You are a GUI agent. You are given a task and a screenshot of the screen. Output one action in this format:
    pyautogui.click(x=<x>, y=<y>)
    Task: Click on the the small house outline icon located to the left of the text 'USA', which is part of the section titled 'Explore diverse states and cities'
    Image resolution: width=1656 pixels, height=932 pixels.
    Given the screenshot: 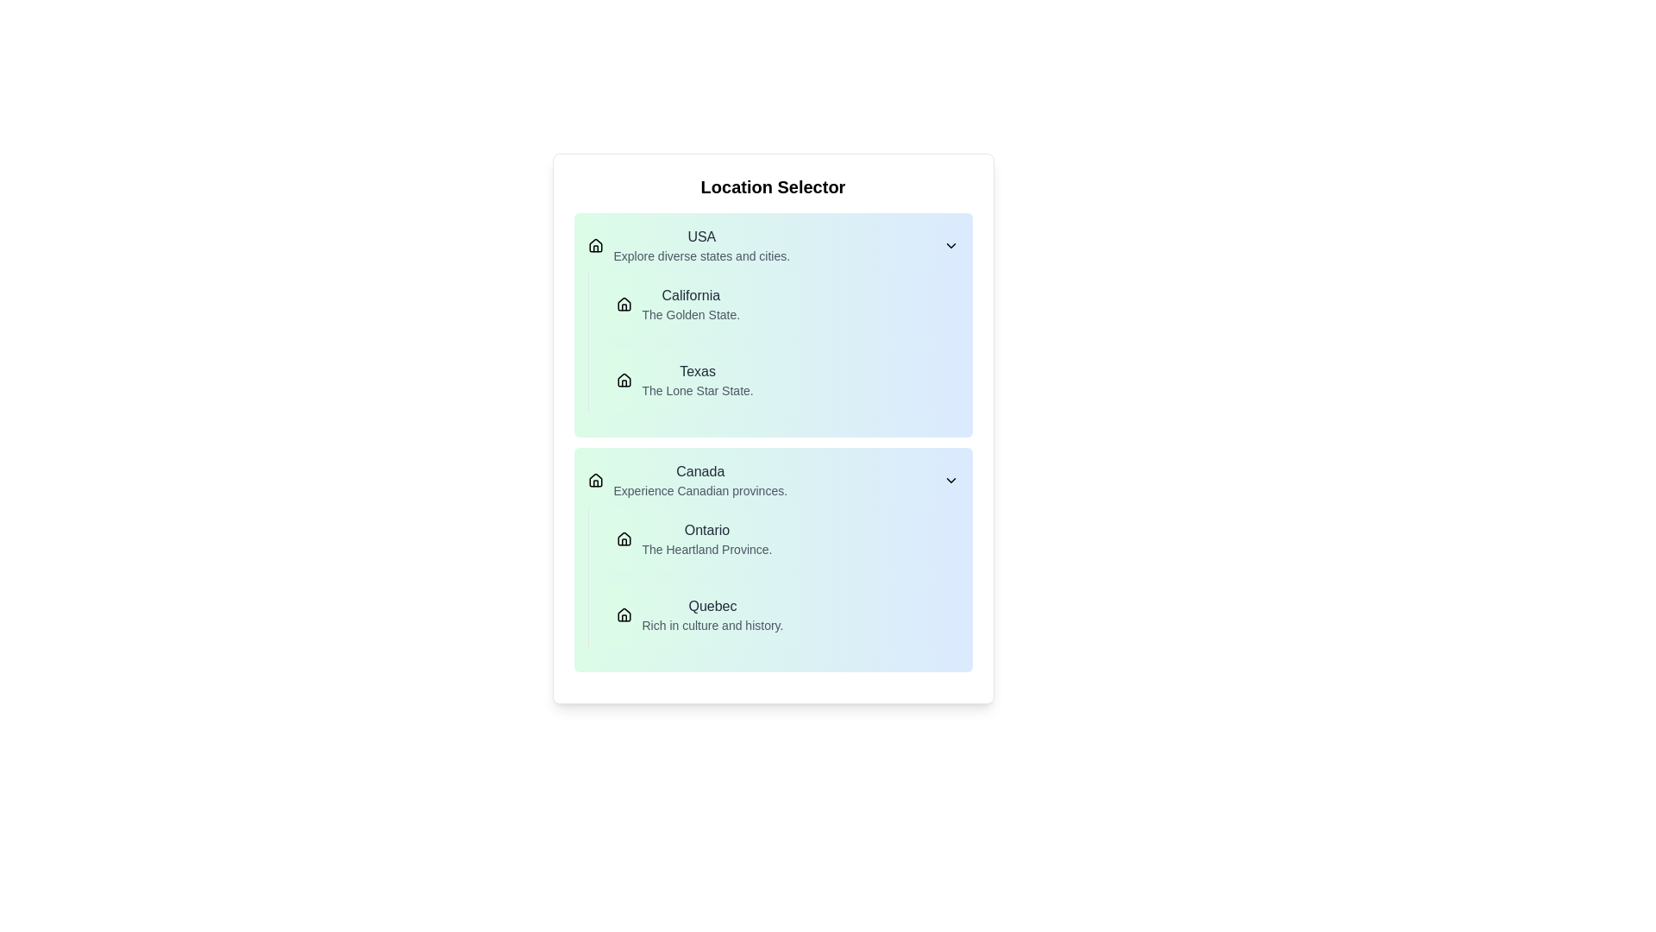 What is the action you would take?
    pyautogui.click(x=595, y=246)
    